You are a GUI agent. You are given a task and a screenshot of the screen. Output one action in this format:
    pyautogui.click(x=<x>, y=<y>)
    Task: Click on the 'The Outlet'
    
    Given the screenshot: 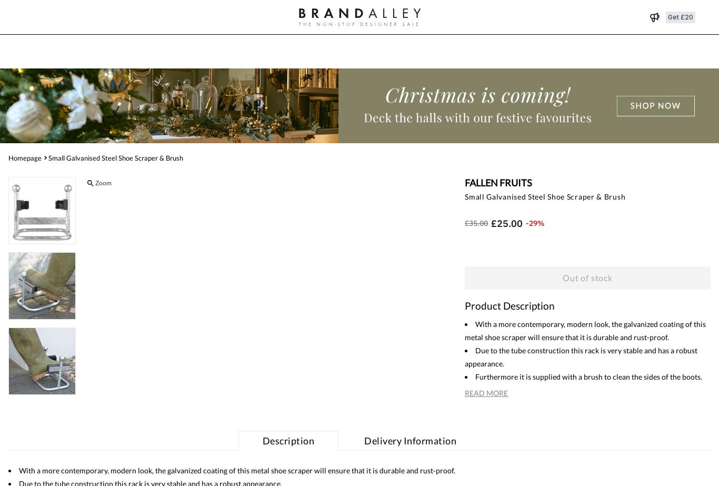 What is the action you would take?
    pyautogui.click(x=339, y=52)
    